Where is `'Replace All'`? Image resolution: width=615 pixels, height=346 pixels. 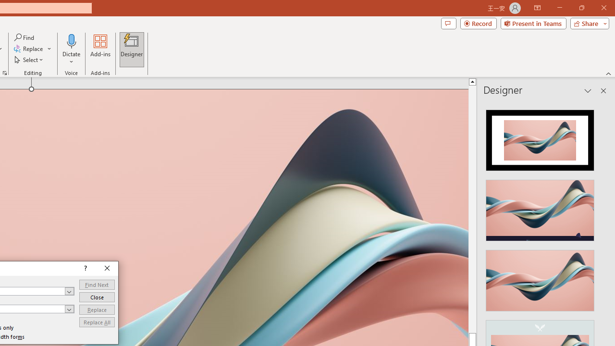 'Replace All' is located at coordinates (97, 322).